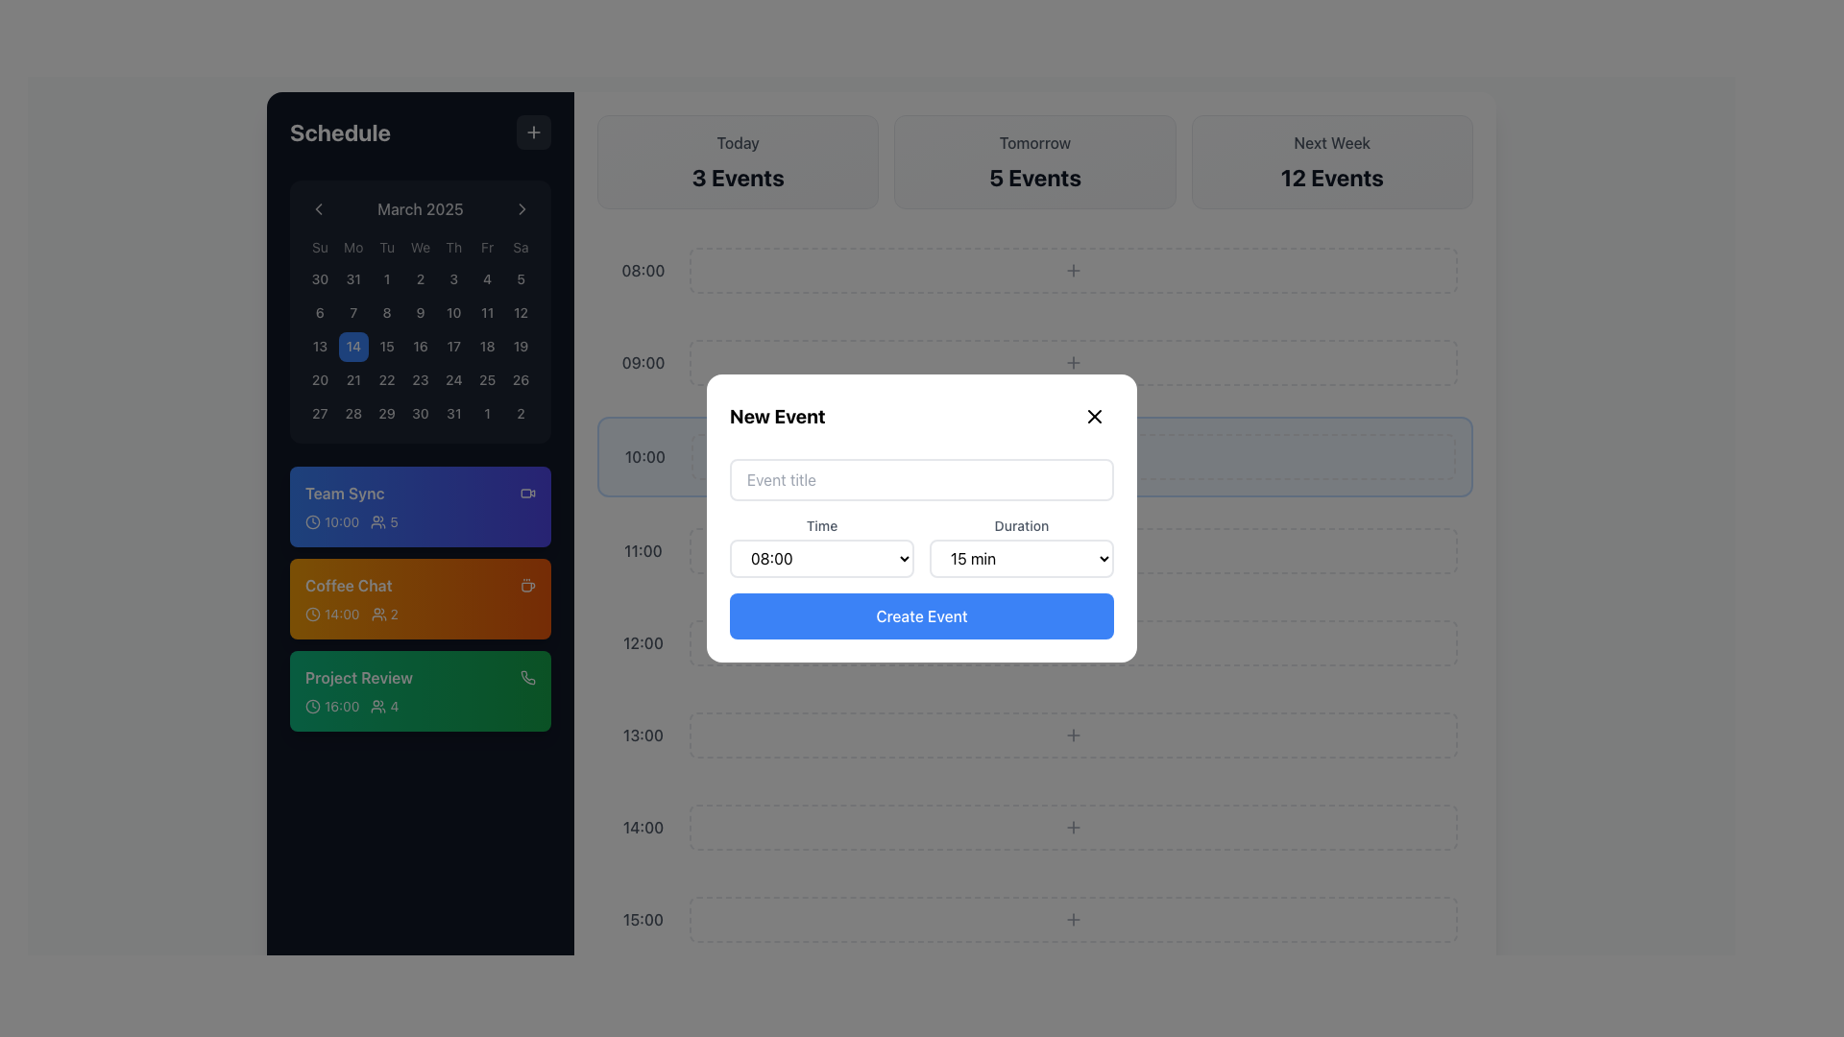 The height and width of the screenshot is (1037, 1844). What do you see at coordinates (386, 347) in the screenshot?
I see `the square-shaped button with rounded corners displaying the number '15' in white text` at bounding box center [386, 347].